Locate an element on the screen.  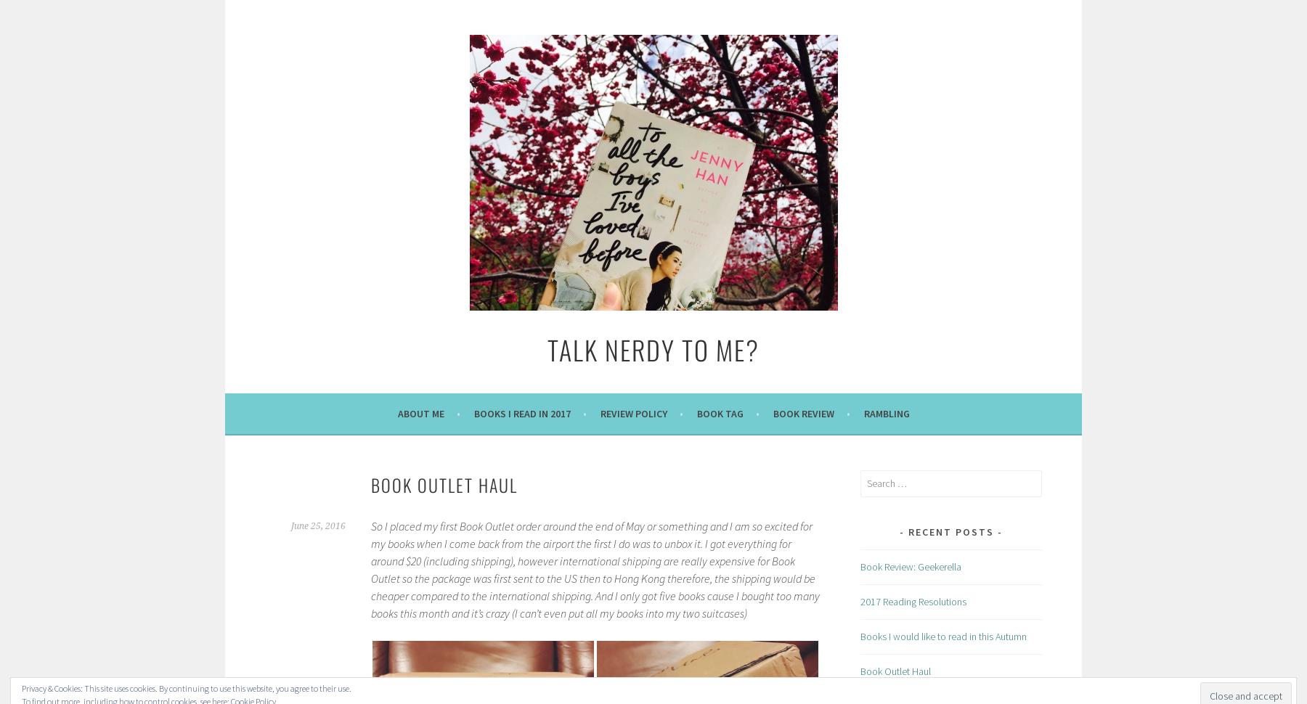
'Book Review: Geekerella' is located at coordinates (911, 565).